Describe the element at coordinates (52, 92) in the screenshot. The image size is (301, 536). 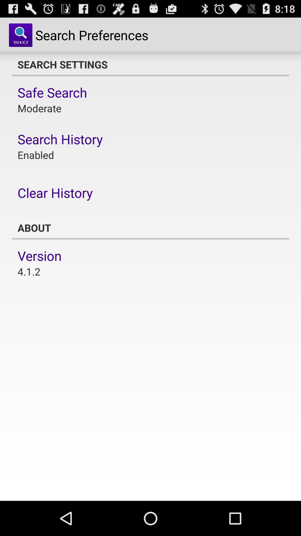
I see `the item below search settings app` at that location.